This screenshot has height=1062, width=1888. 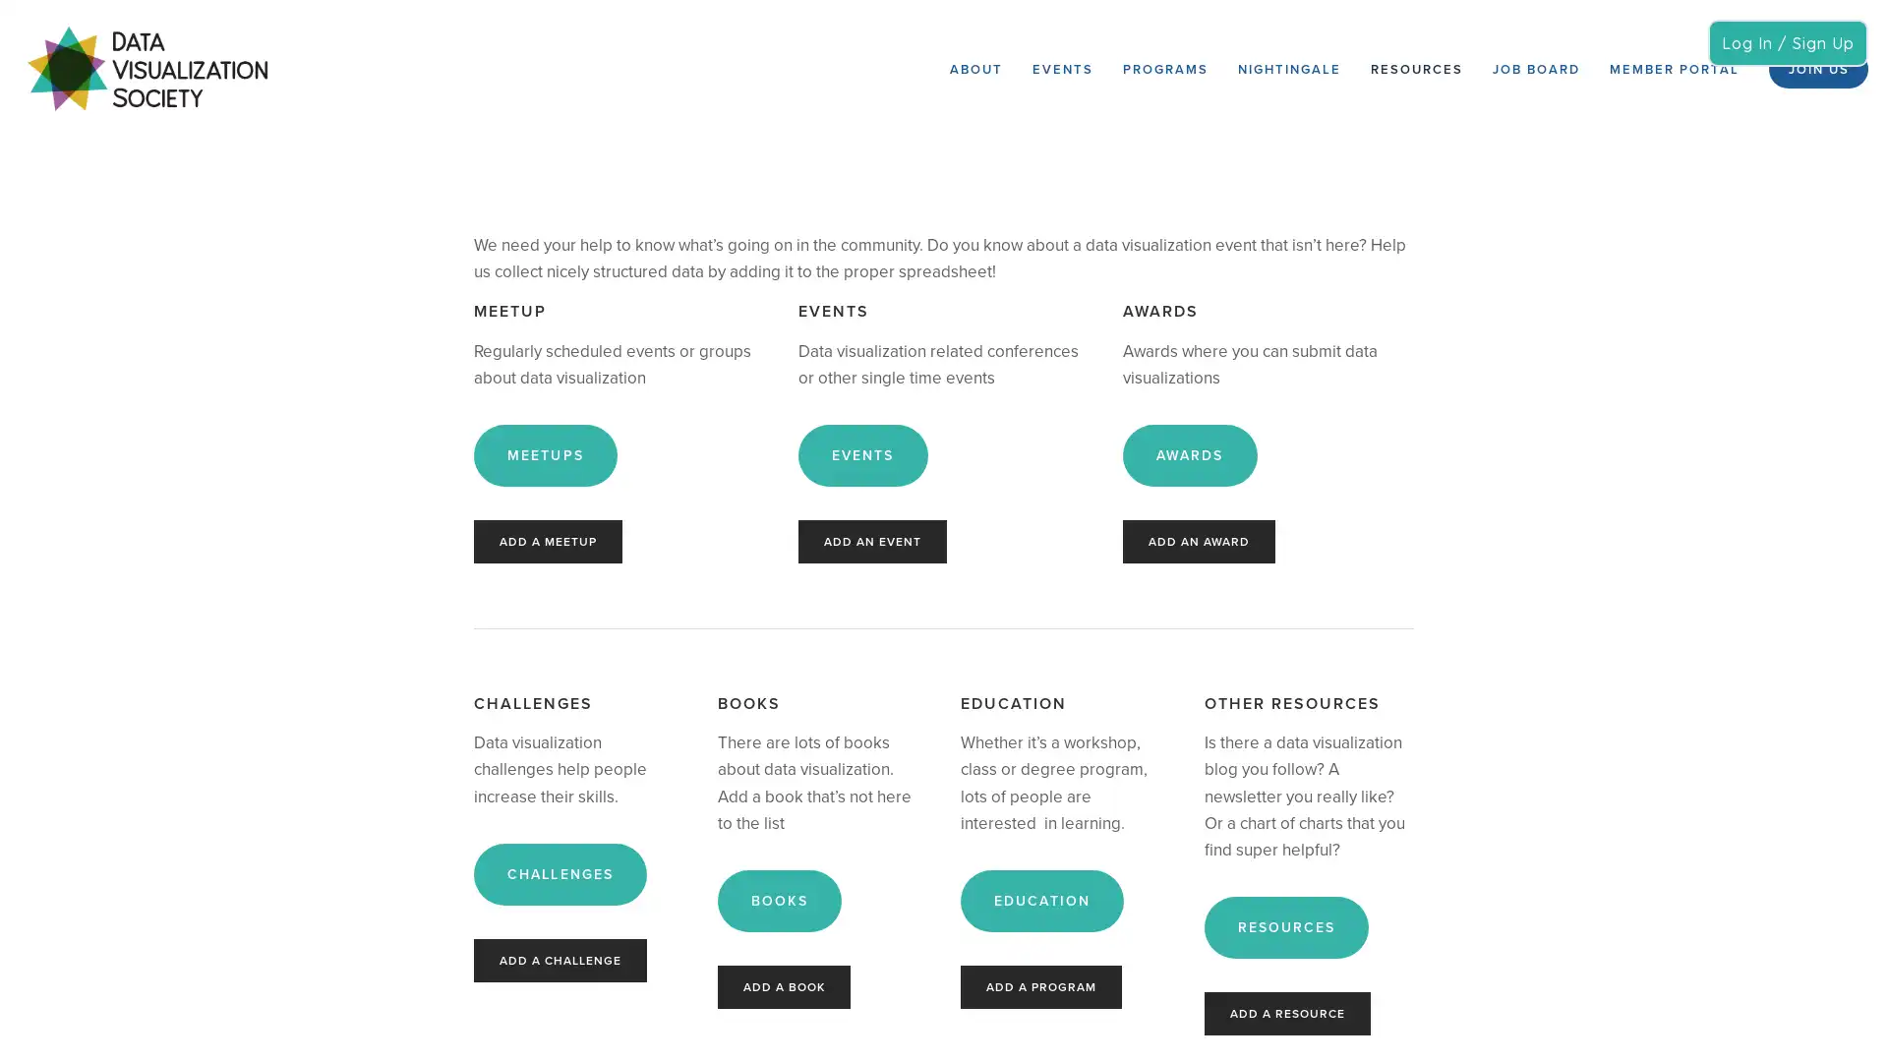 What do you see at coordinates (1788, 42) in the screenshot?
I see `Log In / Sign Up` at bounding box center [1788, 42].